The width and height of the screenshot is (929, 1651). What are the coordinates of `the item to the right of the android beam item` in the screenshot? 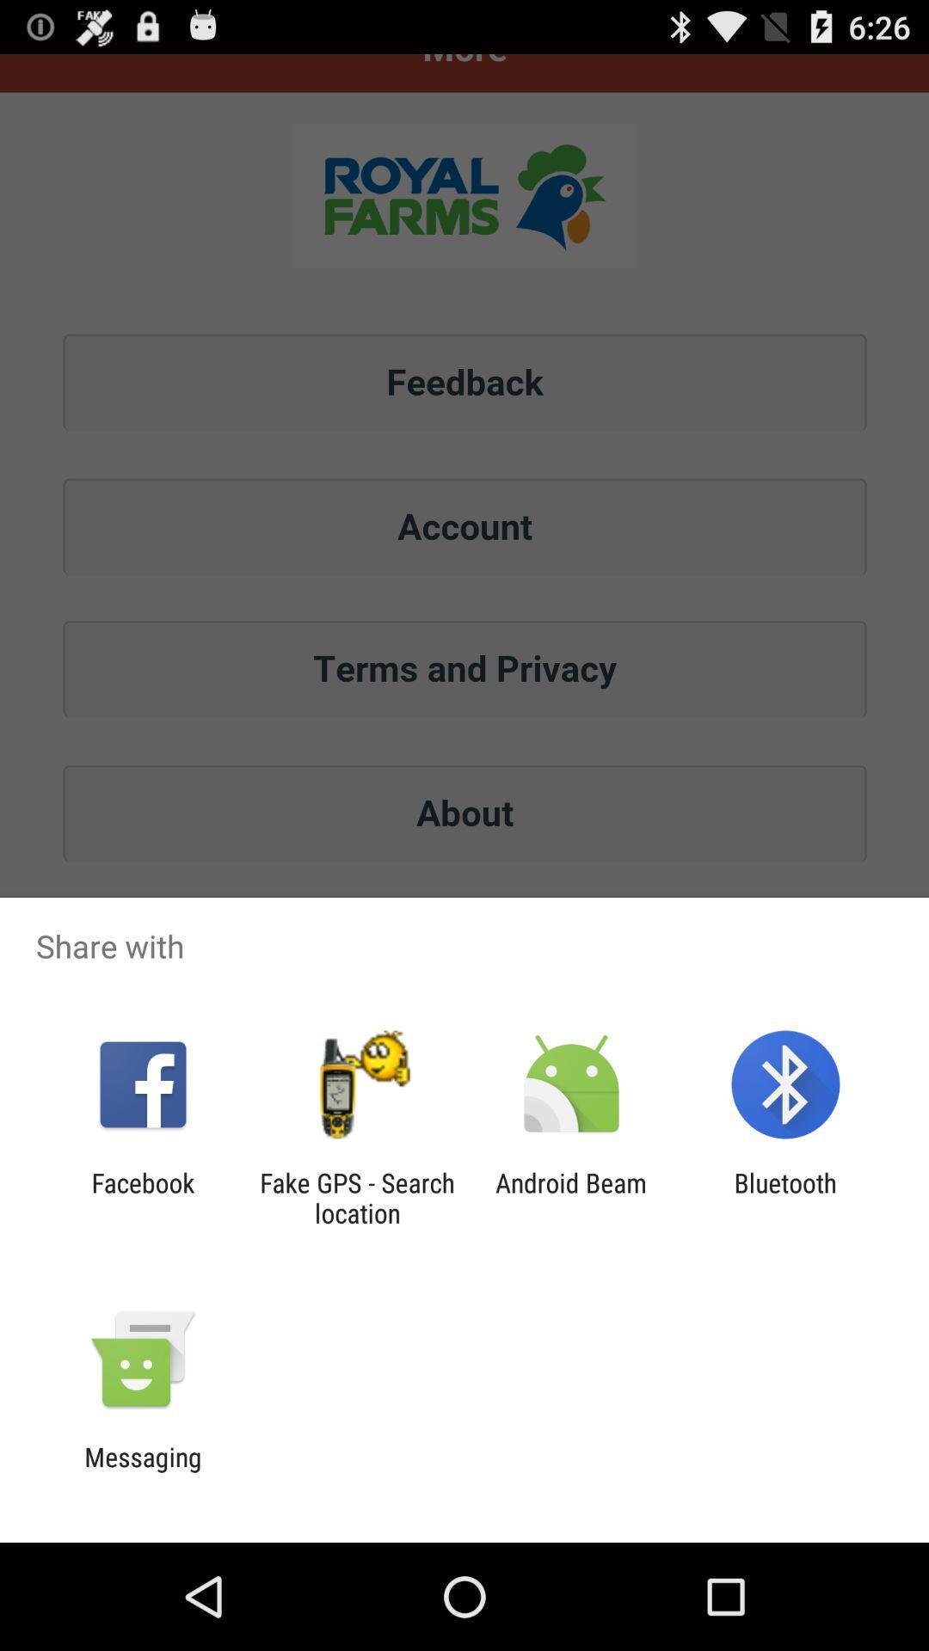 It's located at (785, 1197).